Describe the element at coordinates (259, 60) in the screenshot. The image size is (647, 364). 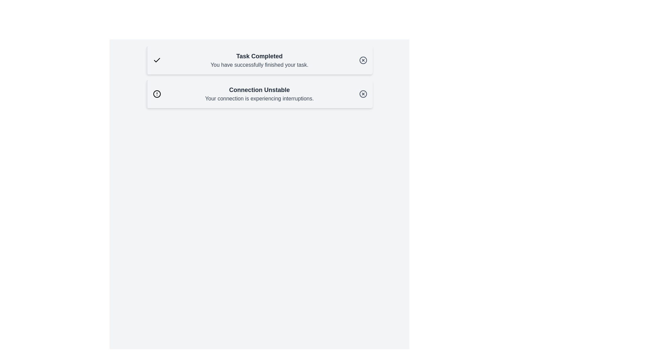
I see `the notification message titled 'Task Completed' in the light green notification box located at the top of the stack of notifications` at that location.